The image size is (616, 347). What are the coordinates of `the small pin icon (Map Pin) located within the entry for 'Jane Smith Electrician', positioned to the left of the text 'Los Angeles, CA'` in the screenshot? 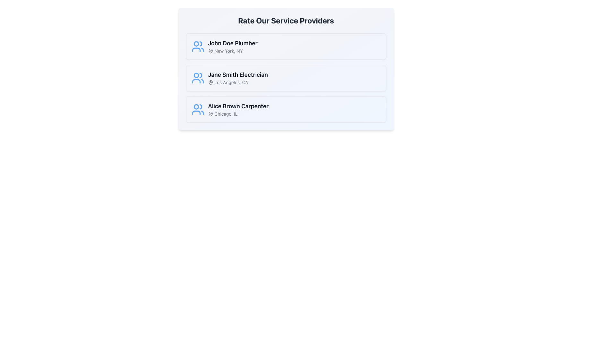 It's located at (210, 82).